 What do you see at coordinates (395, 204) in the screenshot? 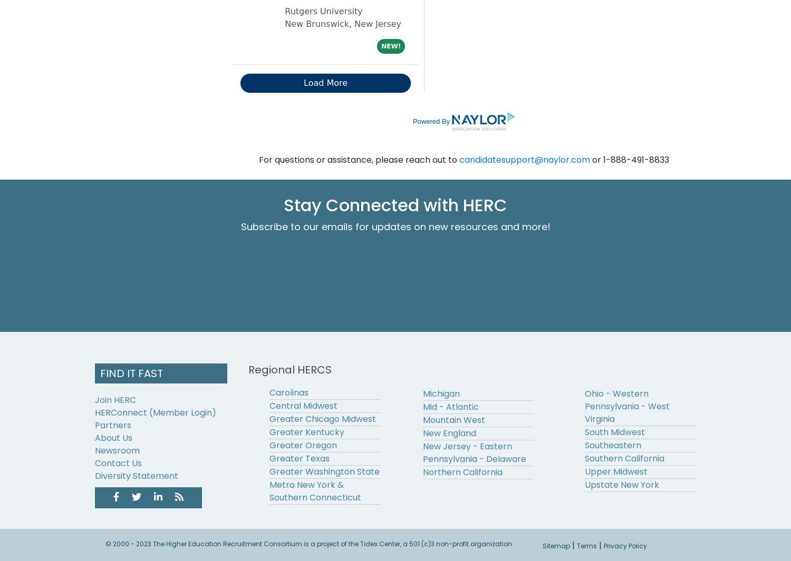
I see `'Stay Connected with HERC'` at bounding box center [395, 204].